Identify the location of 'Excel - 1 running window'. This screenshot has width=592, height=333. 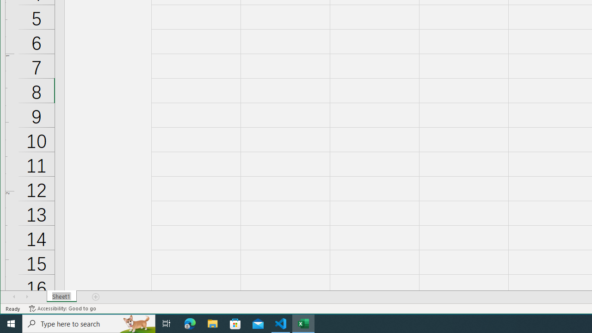
(303, 323).